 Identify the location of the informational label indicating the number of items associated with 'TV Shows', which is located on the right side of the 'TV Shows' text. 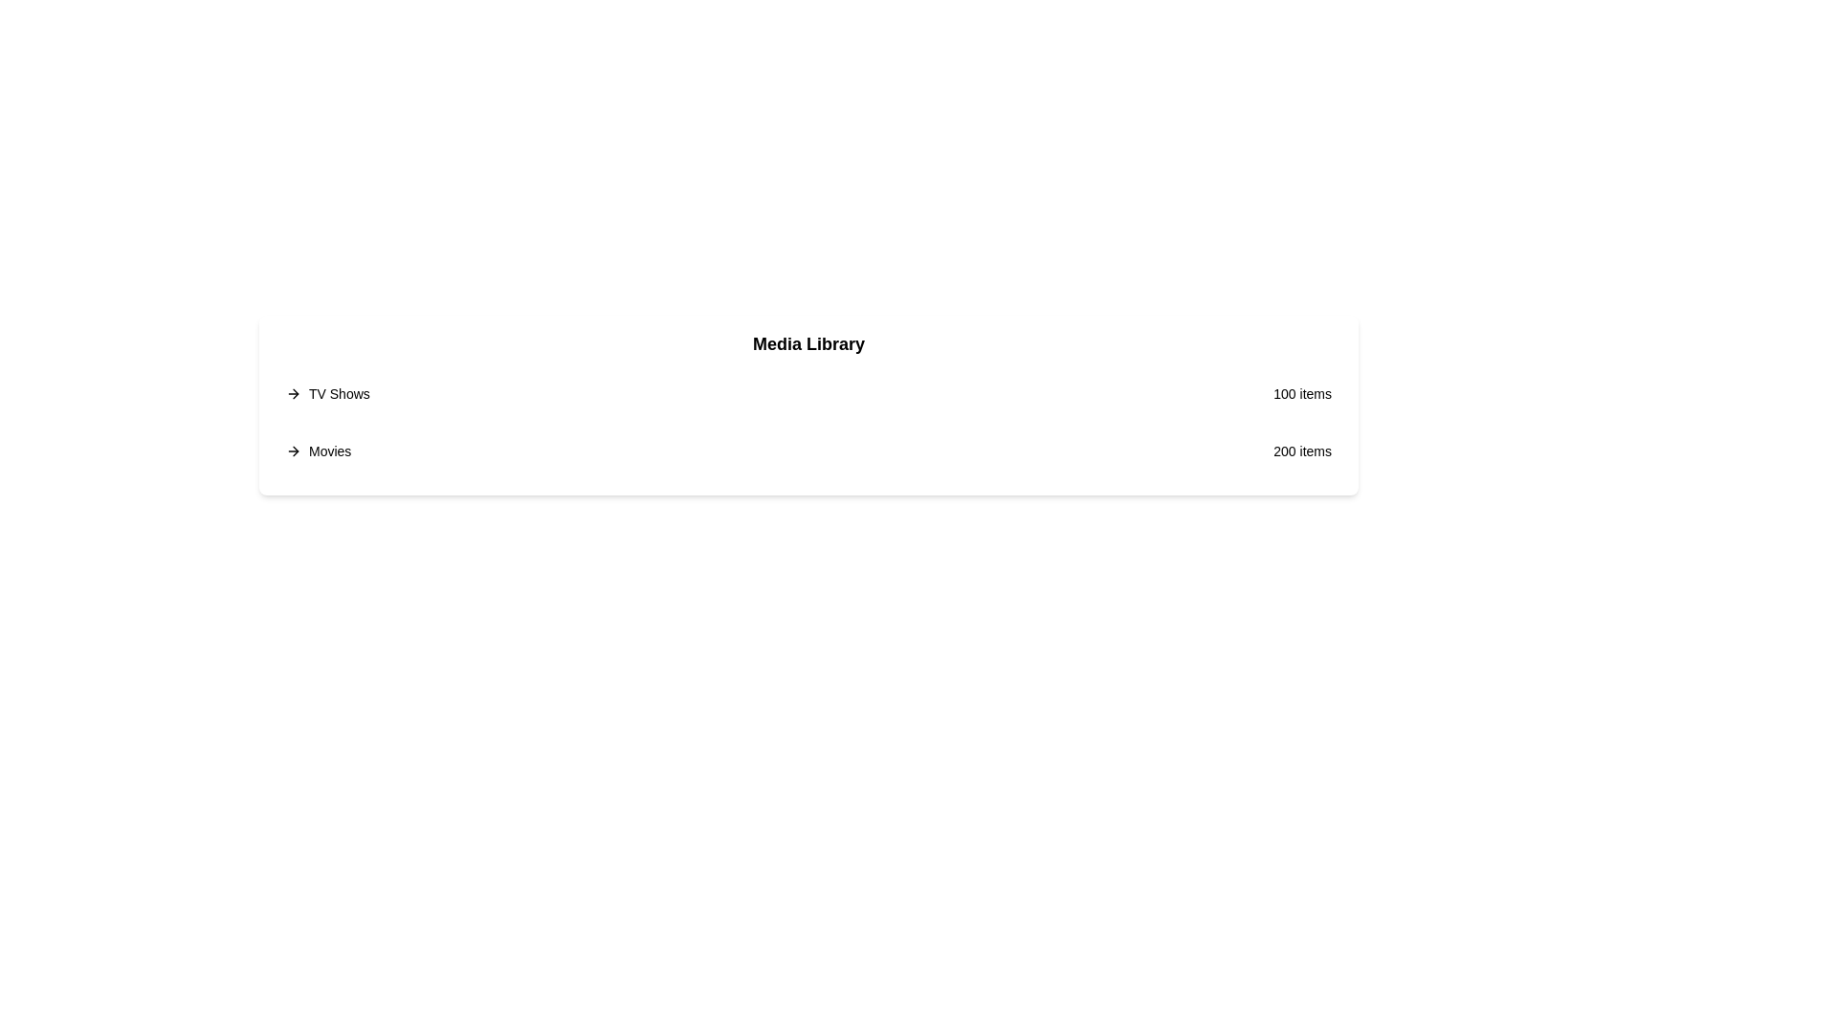
(1301, 393).